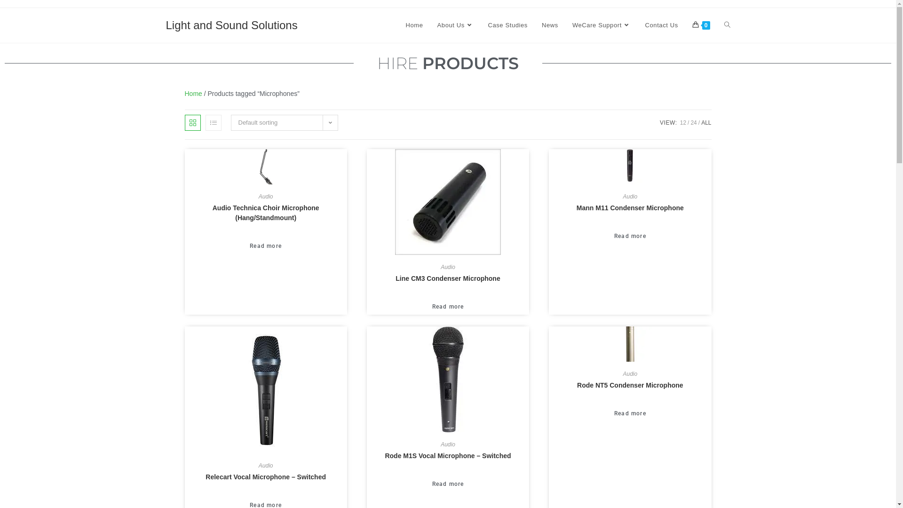 This screenshot has height=508, width=903. Describe the element at coordinates (456, 25) in the screenshot. I see `'About Us'` at that location.